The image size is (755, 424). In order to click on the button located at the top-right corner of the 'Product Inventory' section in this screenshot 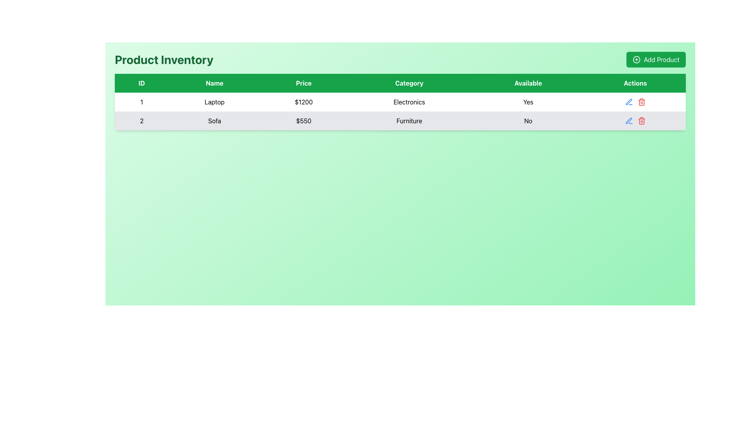, I will do `click(656, 59)`.